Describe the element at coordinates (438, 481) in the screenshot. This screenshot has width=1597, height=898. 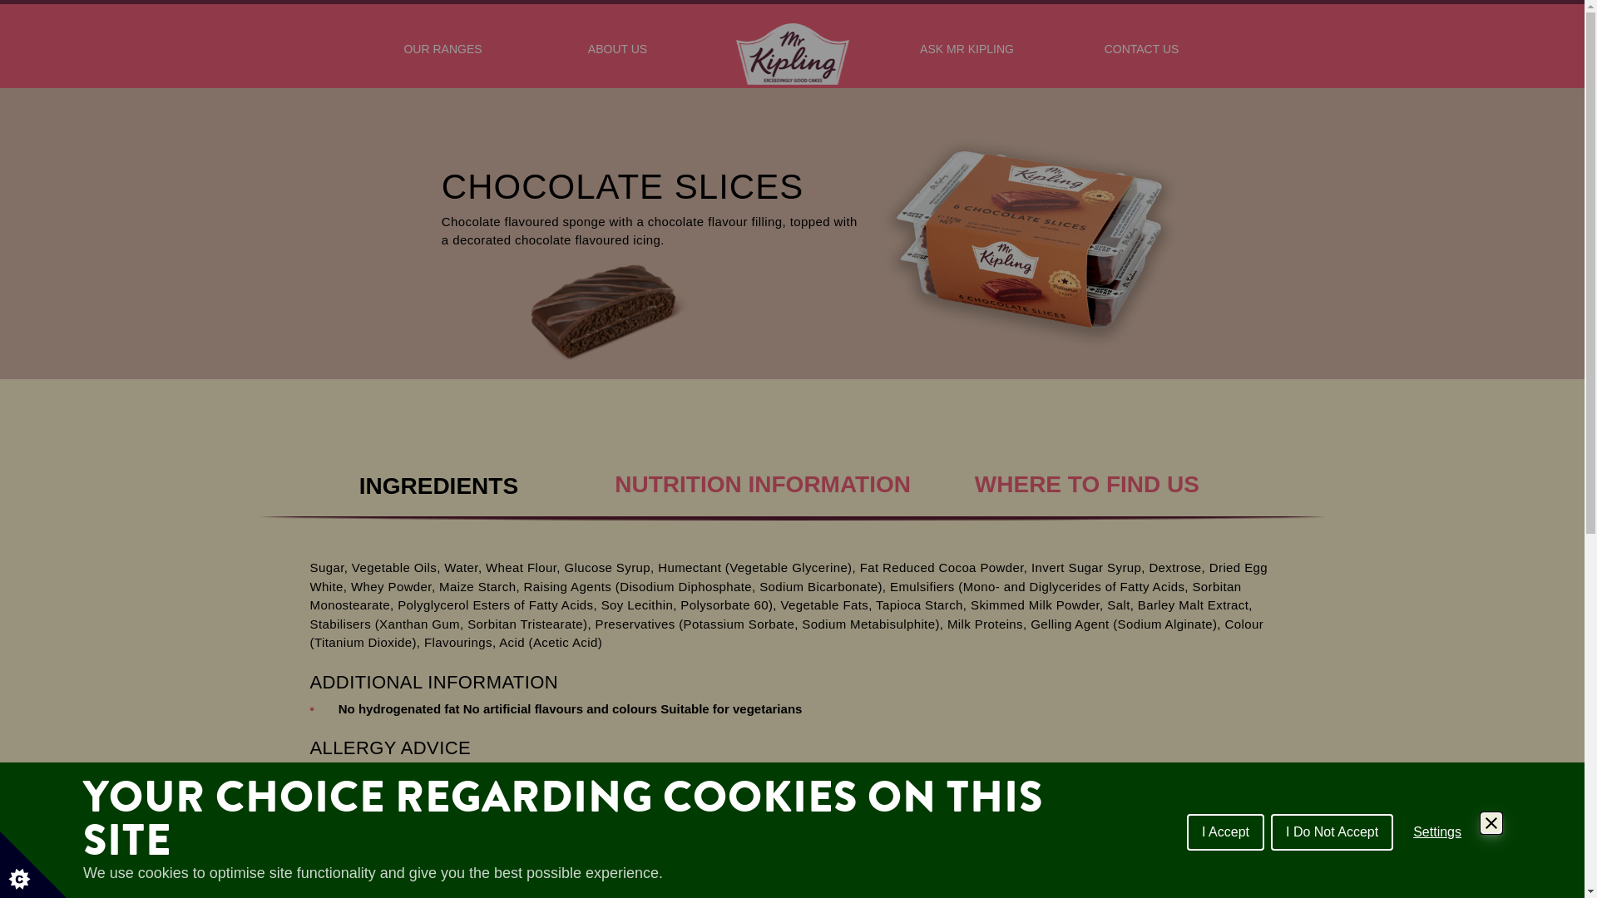
I see `'INGREDIENTS'` at that location.